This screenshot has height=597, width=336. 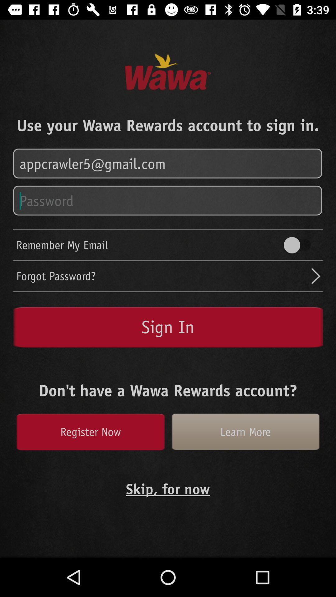 I want to click on icon next to learn more icon, so click(x=90, y=432).